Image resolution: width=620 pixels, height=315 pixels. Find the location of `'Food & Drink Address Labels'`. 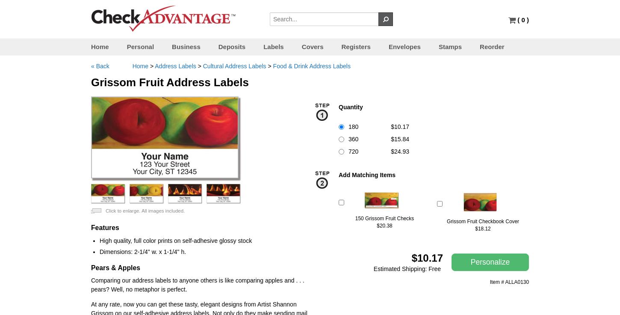

'Food & Drink Address Labels' is located at coordinates (311, 65).